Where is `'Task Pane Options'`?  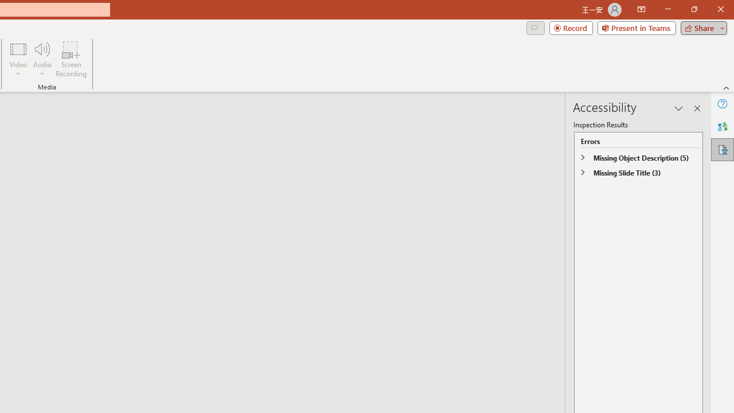 'Task Pane Options' is located at coordinates (679, 108).